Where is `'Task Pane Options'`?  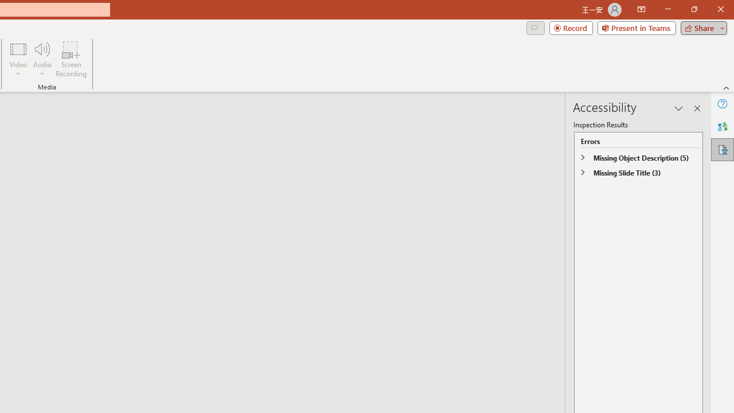 'Task Pane Options' is located at coordinates (679, 108).